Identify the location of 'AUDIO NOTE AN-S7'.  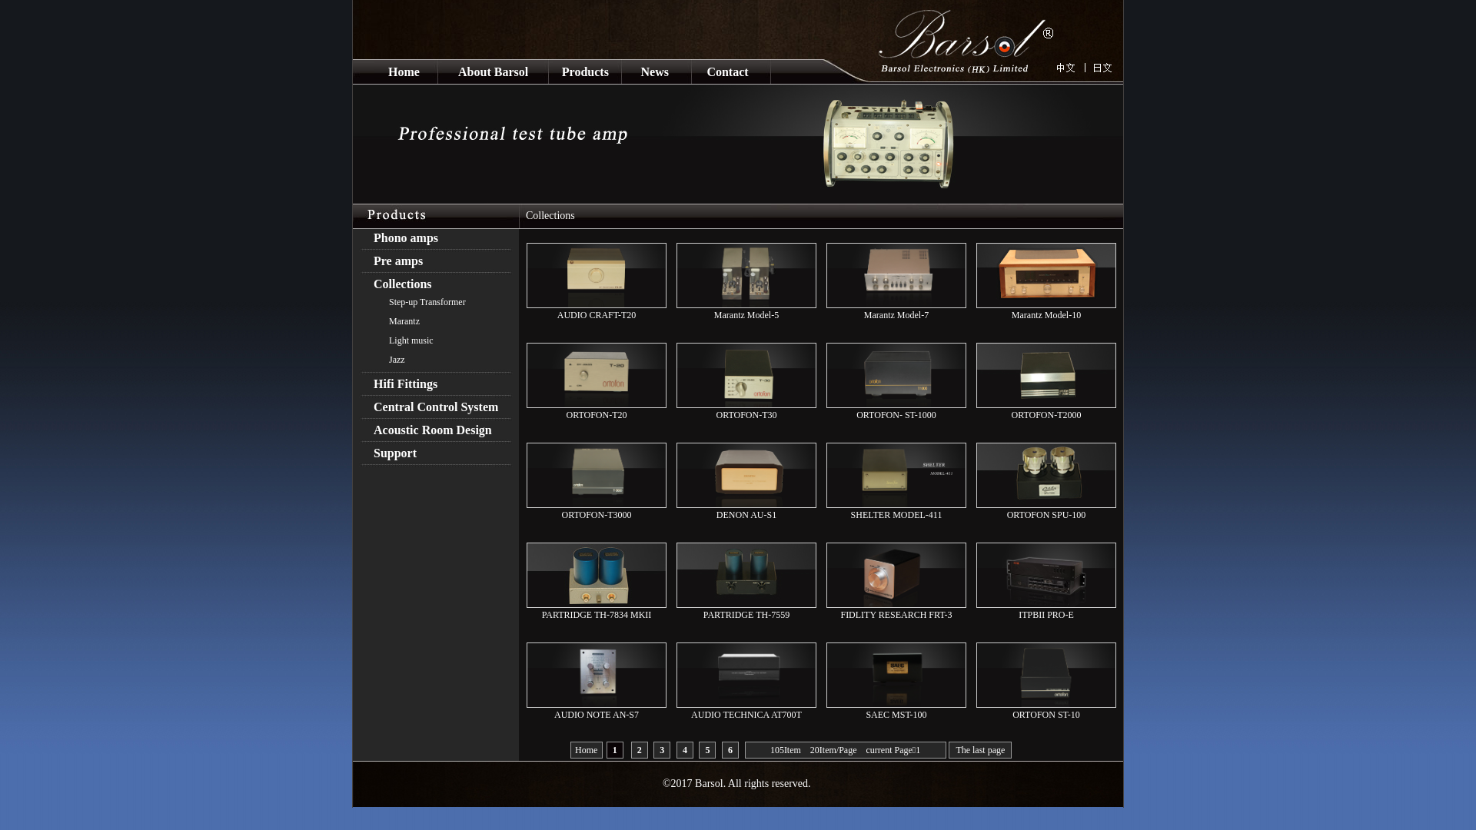
(553, 714).